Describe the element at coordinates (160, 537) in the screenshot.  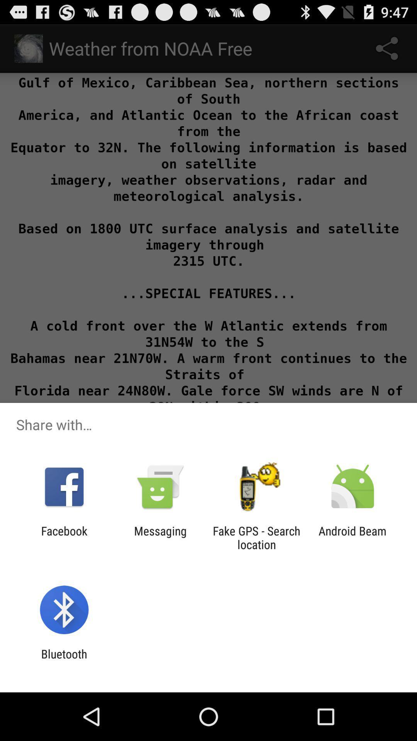
I see `app to the left of the fake gps search item` at that location.